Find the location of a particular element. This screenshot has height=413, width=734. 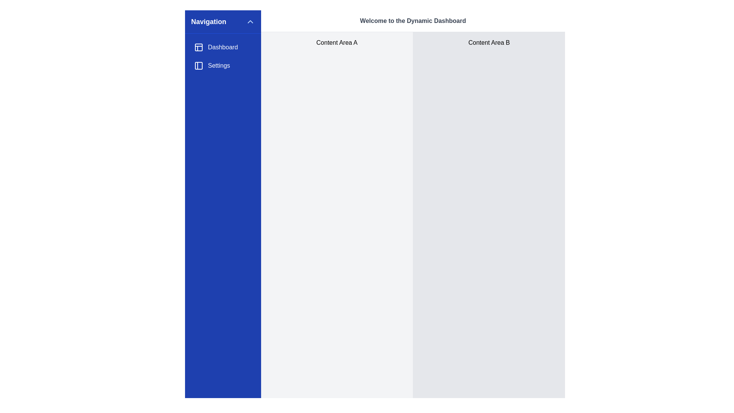

the first button in the vertical navigation menu is located at coordinates (222, 47).